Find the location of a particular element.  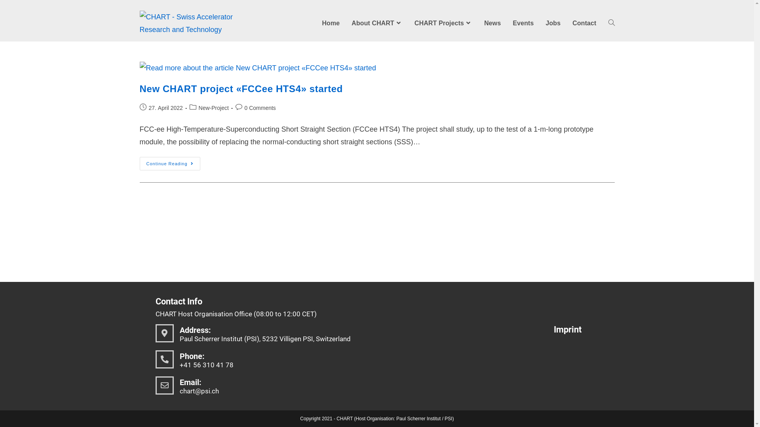

'New-Project' is located at coordinates (199, 108).